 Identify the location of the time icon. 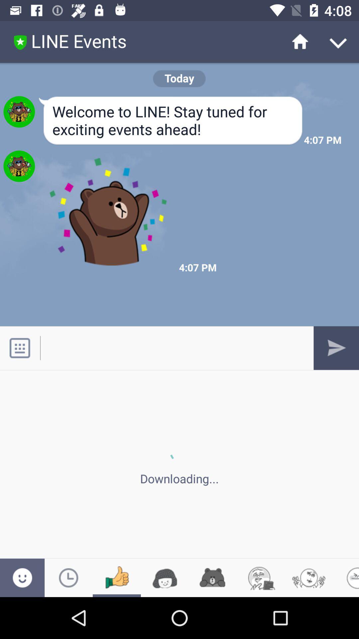
(68, 577).